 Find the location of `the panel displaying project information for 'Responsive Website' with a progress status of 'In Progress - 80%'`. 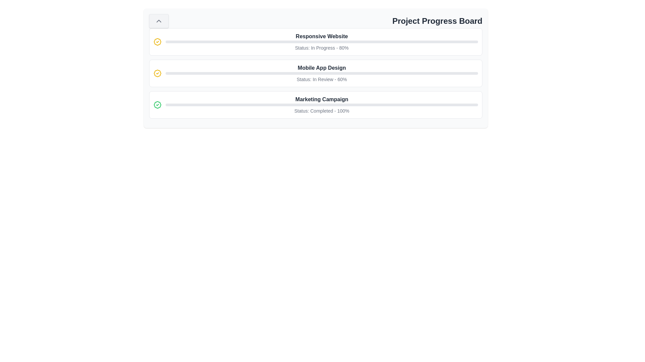

the panel displaying project information for 'Responsive Website' with a progress status of 'In Progress - 80%' is located at coordinates (315, 42).